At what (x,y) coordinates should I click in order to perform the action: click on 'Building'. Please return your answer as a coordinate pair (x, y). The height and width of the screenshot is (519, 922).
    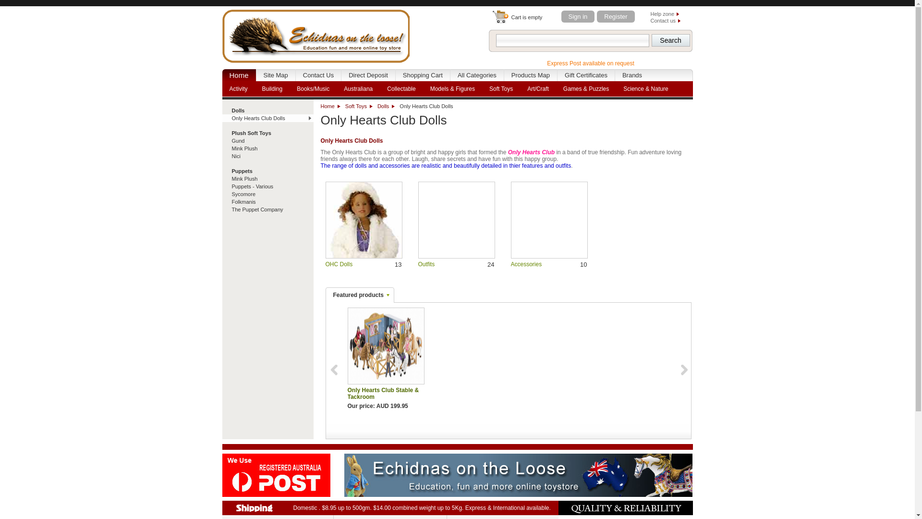
    Looking at the image, I should click on (272, 89).